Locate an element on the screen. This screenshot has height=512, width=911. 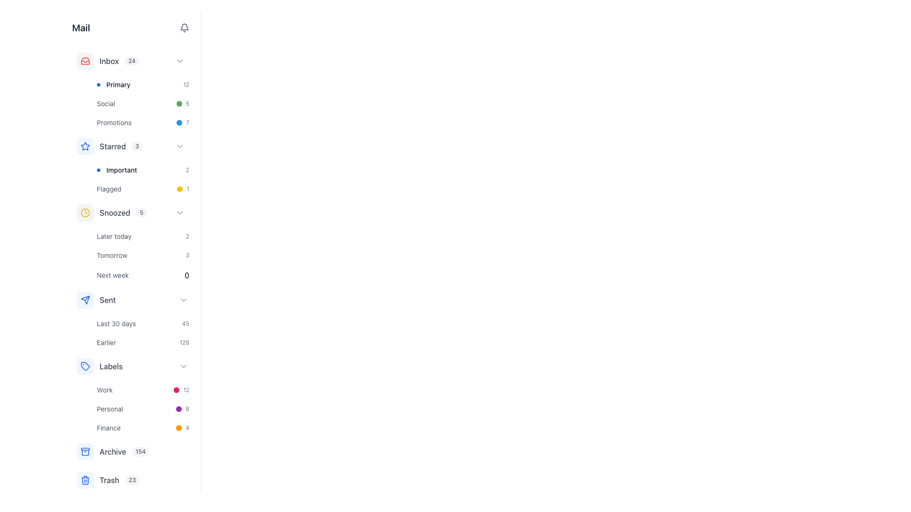
text label displaying 'Important' located in the vertical navigation menu under the 'Starred' section on the left side of the interface is located at coordinates (121, 169).